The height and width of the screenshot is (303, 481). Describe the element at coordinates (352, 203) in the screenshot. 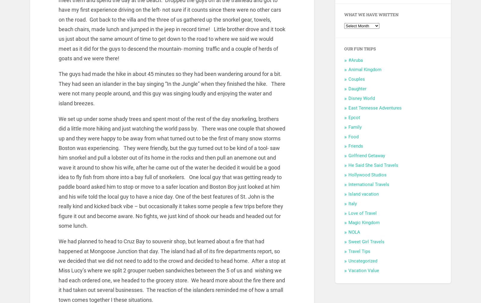

I see `'Italy'` at that location.